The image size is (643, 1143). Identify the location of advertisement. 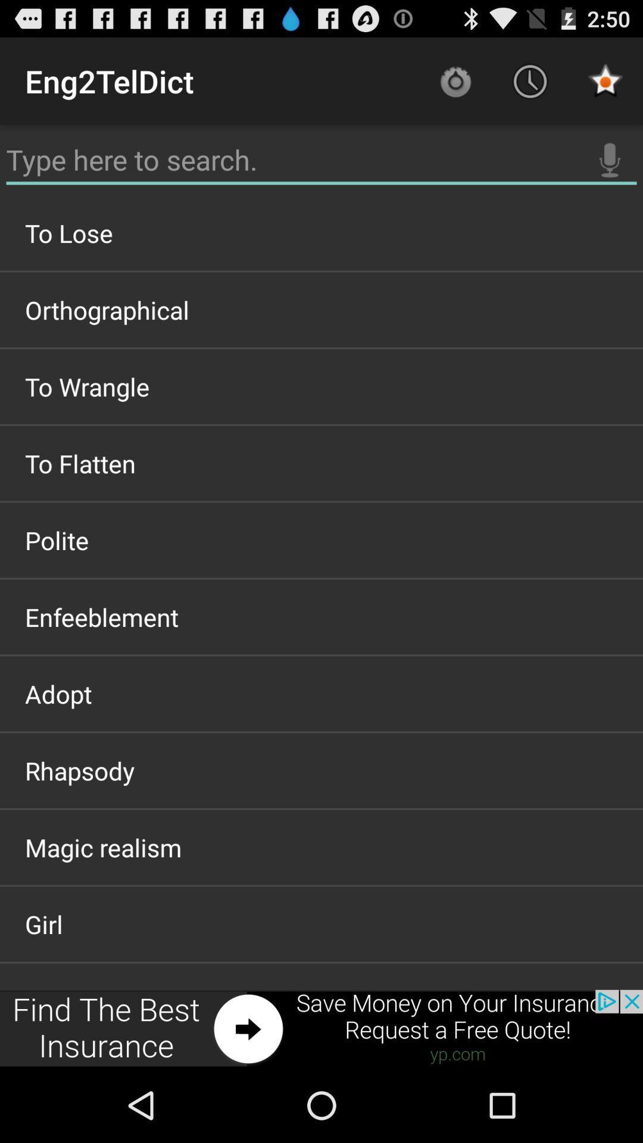
(321, 1028).